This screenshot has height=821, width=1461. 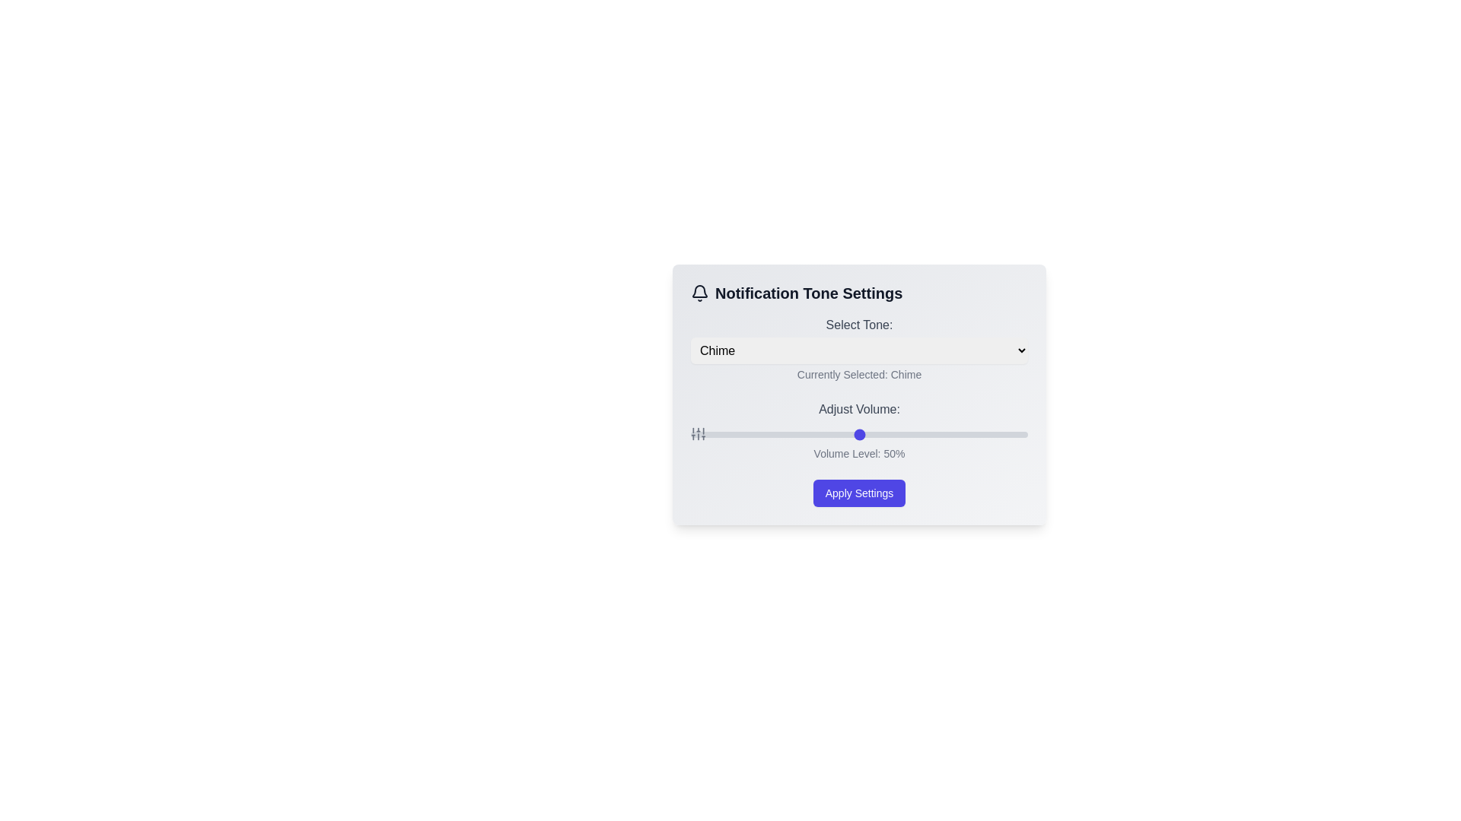 What do you see at coordinates (859, 350) in the screenshot?
I see `an option from the 'Chime' dropdown menu, which is styled with a light gray background and is located in the 'Select Tone' section of the 'Notification Tone Settings' panel` at bounding box center [859, 350].